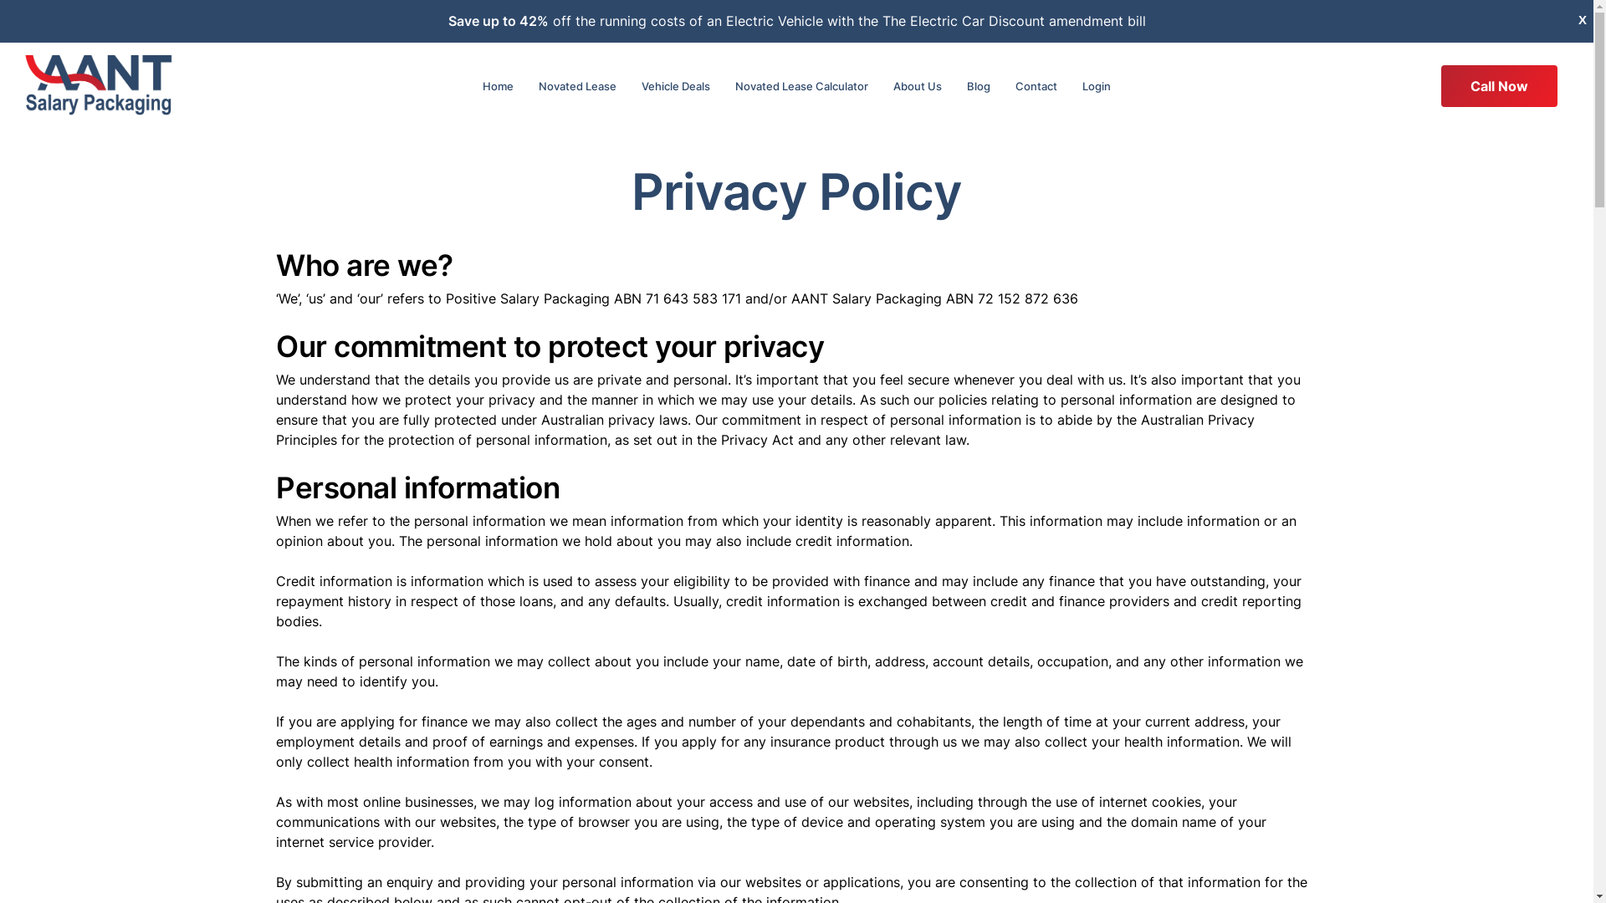 The width and height of the screenshot is (1606, 903). What do you see at coordinates (979, 86) in the screenshot?
I see `'Blog'` at bounding box center [979, 86].